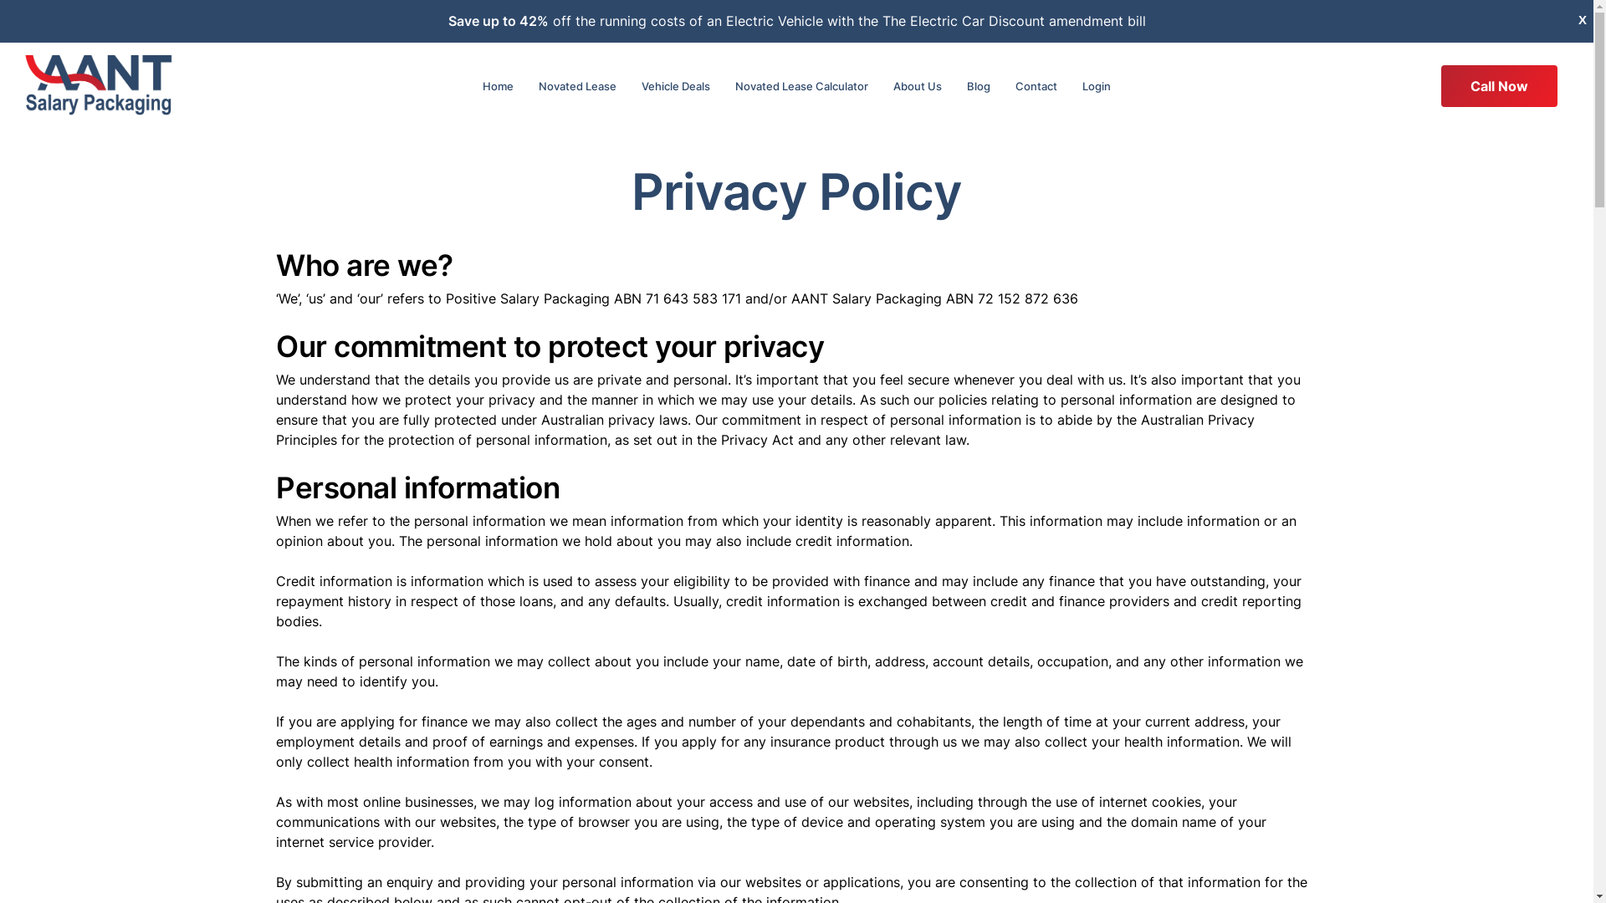 The width and height of the screenshot is (1606, 903). What do you see at coordinates (979, 86) in the screenshot?
I see `'Blog'` at bounding box center [979, 86].